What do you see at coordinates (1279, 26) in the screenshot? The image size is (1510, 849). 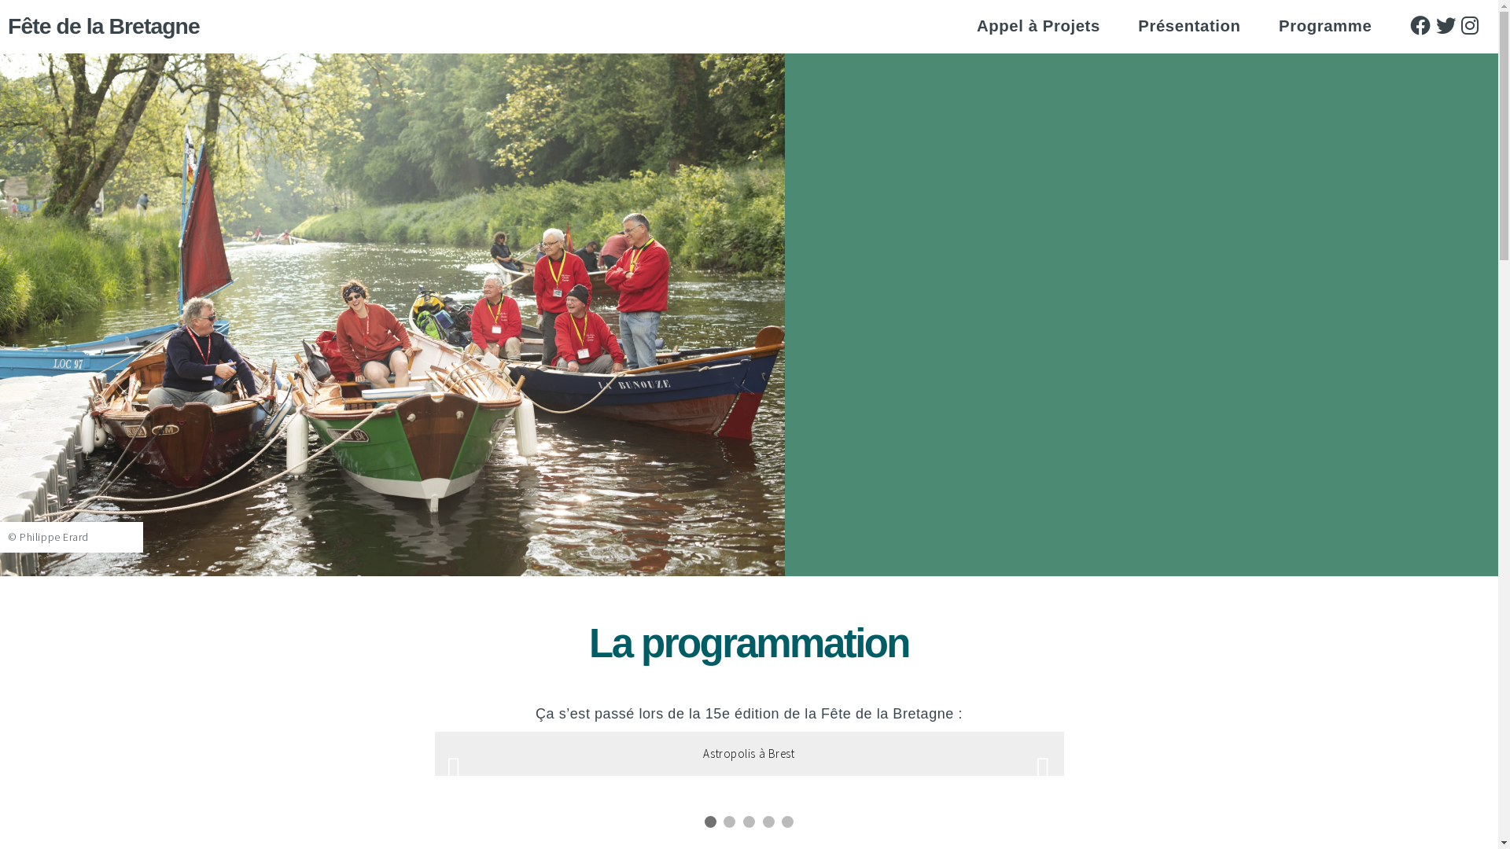 I see `'Programme'` at bounding box center [1279, 26].